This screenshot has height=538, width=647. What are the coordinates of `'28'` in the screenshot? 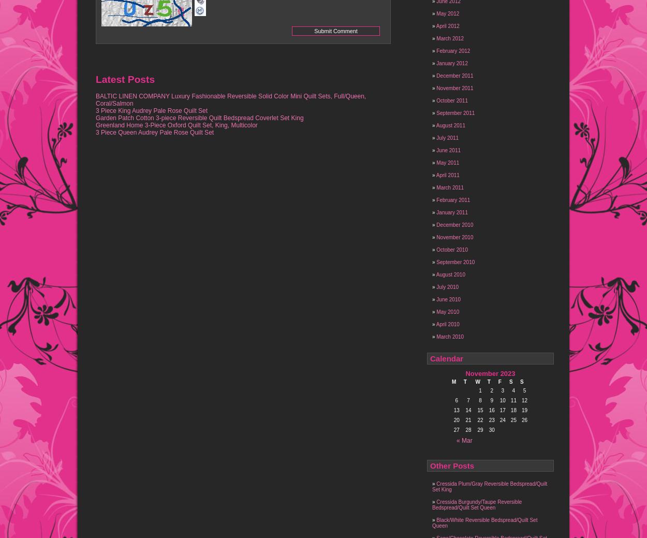 It's located at (468, 429).